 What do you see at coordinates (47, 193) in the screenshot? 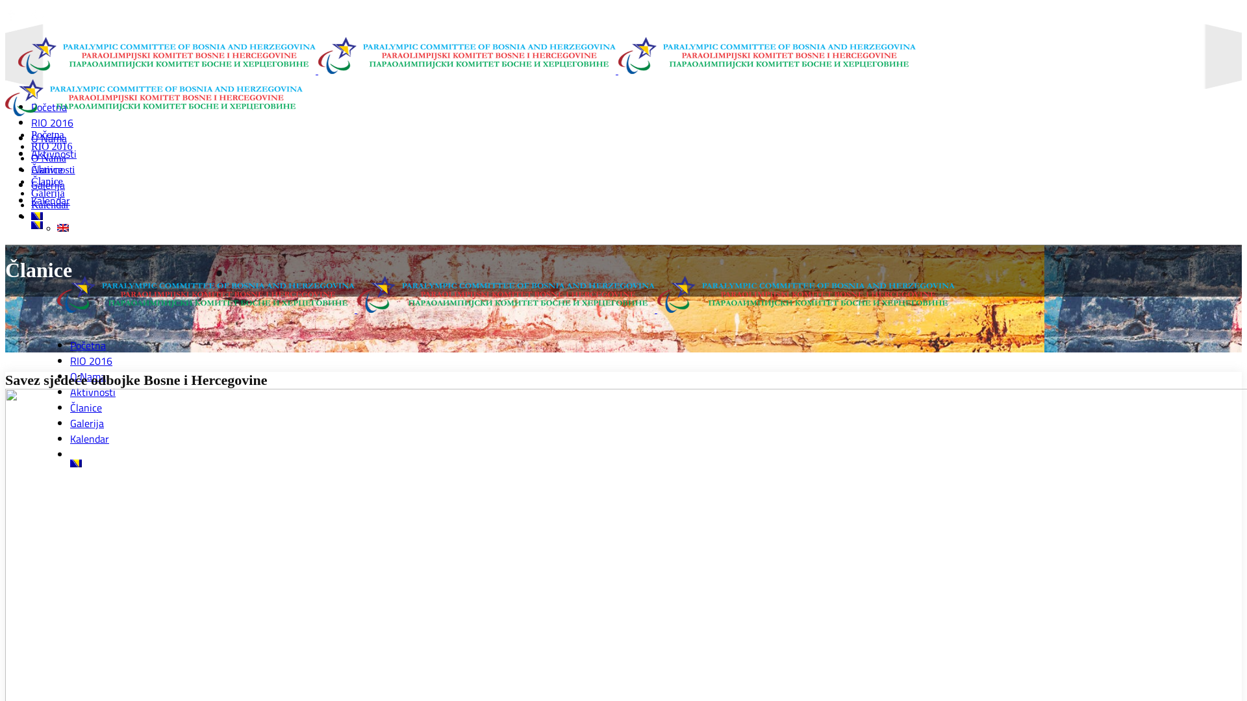
I see `'Galerija'` at bounding box center [47, 193].